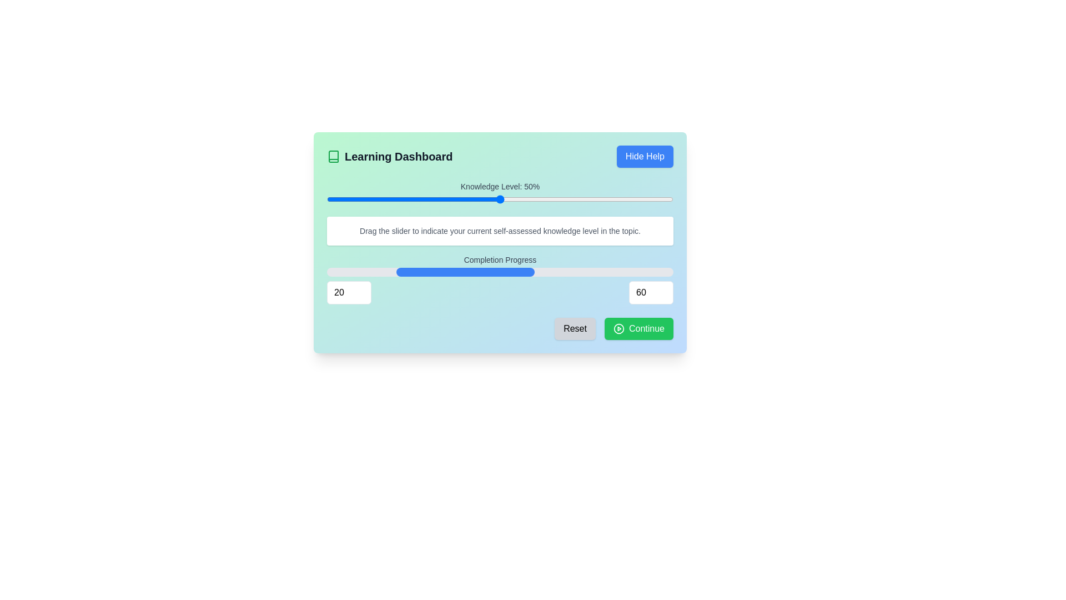  I want to click on the help dismiss button located at the top right of the interface, so click(645, 156).